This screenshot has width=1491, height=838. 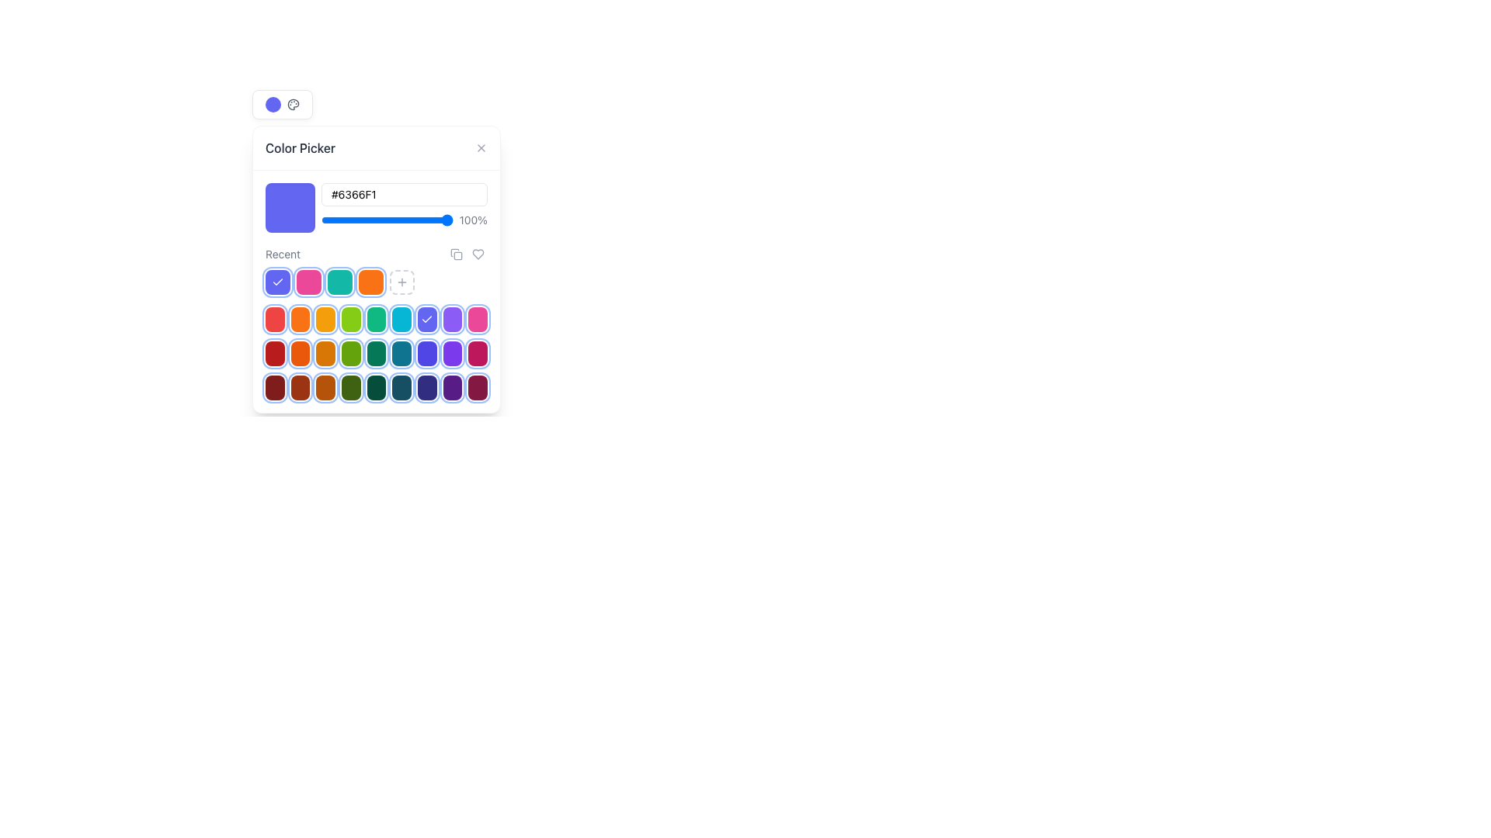 I want to click on the orange color tile in the 'Recent' section of the 'Color Picker' interface, so click(x=376, y=282).